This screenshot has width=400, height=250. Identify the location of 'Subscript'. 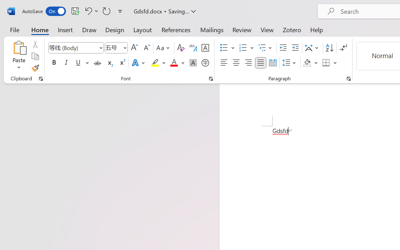
(109, 63).